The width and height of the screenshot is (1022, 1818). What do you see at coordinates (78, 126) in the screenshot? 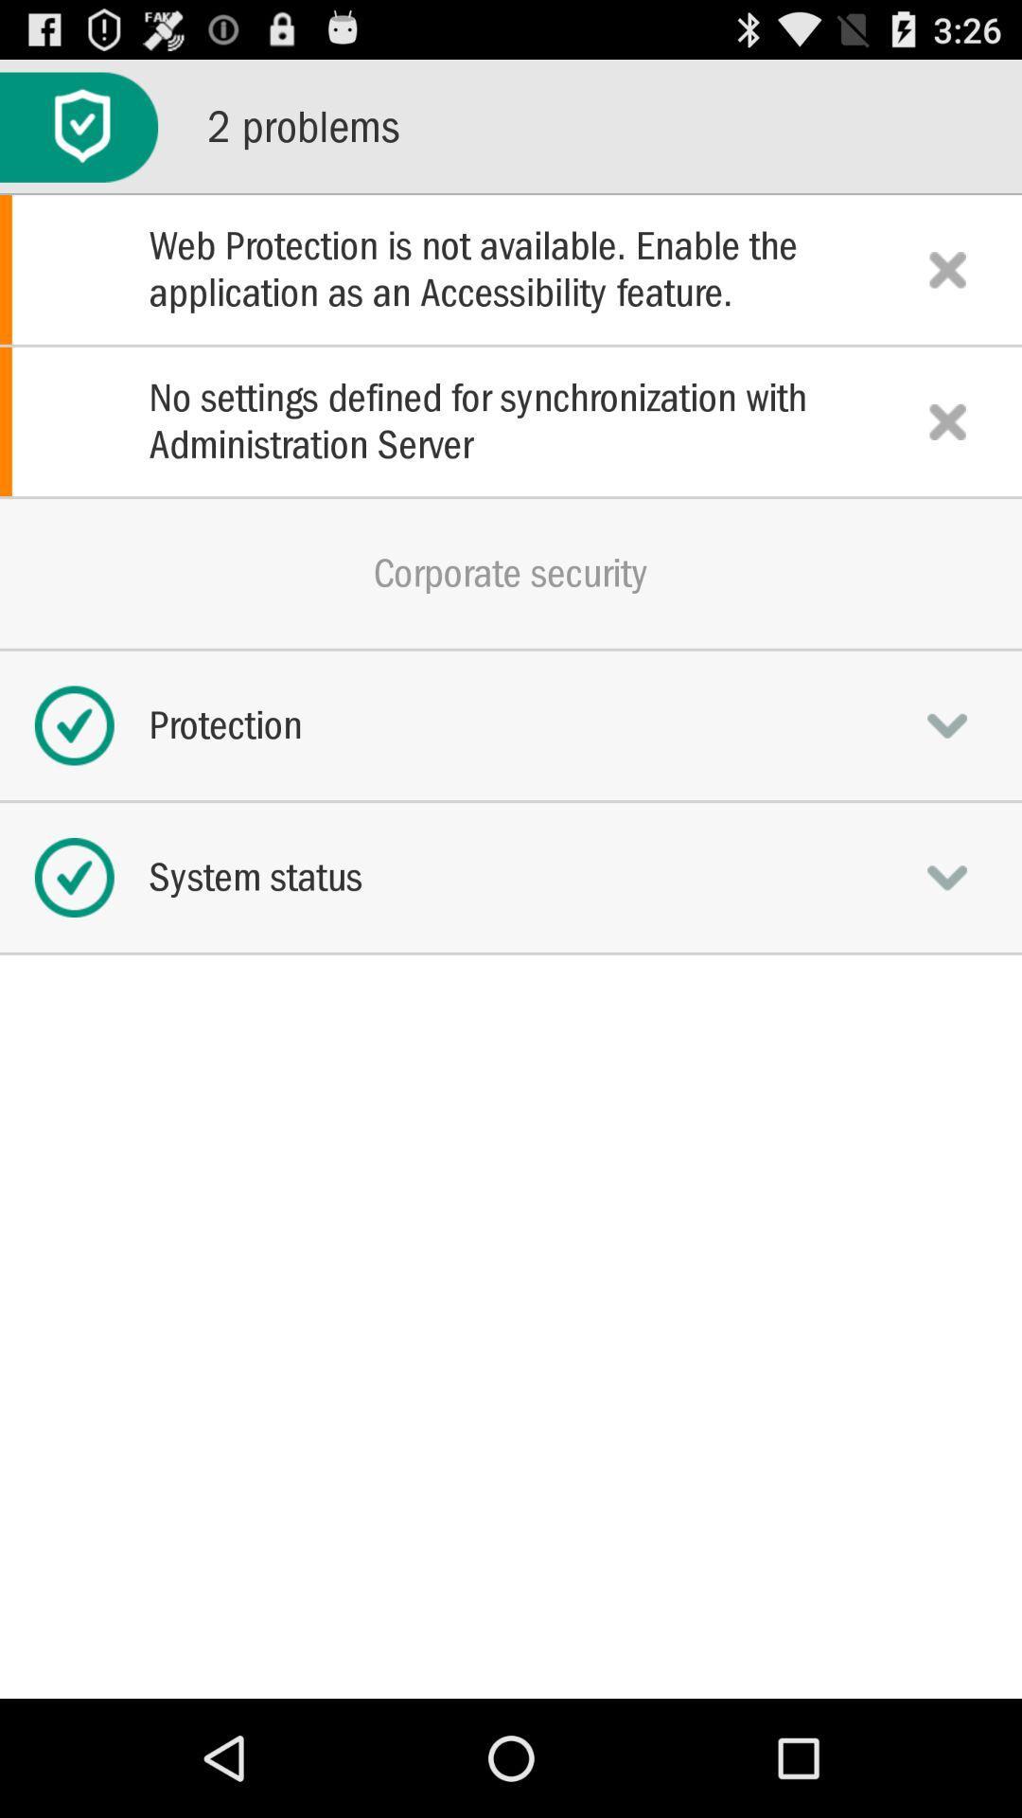
I see `app above web protection is icon` at bounding box center [78, 126].